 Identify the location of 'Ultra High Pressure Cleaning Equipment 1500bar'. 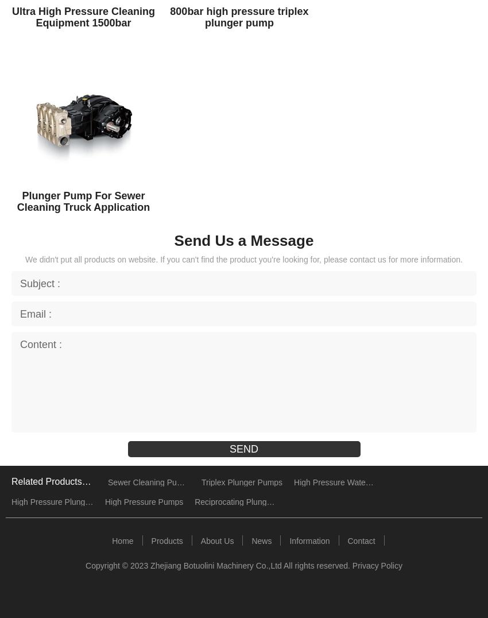
(83, 16).